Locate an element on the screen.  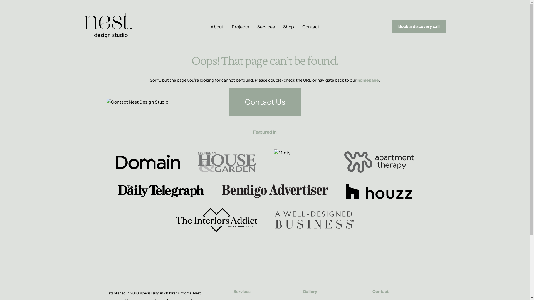
'Book a discovery call' is located at coordinates (392, 26).